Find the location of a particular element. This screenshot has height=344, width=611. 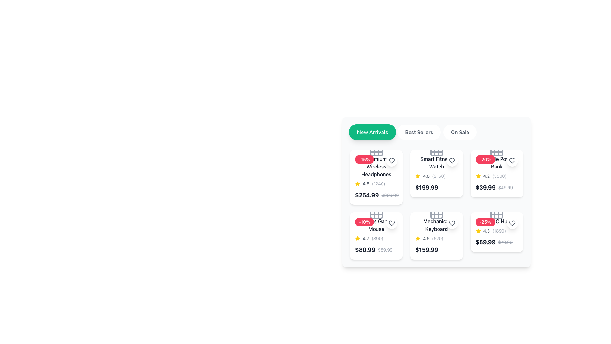

the heart icon within the rounded rectangle button of the 'Mechanical Keyboard' product card, which is the fifth card in the grid is located at coordinates (452, 223).